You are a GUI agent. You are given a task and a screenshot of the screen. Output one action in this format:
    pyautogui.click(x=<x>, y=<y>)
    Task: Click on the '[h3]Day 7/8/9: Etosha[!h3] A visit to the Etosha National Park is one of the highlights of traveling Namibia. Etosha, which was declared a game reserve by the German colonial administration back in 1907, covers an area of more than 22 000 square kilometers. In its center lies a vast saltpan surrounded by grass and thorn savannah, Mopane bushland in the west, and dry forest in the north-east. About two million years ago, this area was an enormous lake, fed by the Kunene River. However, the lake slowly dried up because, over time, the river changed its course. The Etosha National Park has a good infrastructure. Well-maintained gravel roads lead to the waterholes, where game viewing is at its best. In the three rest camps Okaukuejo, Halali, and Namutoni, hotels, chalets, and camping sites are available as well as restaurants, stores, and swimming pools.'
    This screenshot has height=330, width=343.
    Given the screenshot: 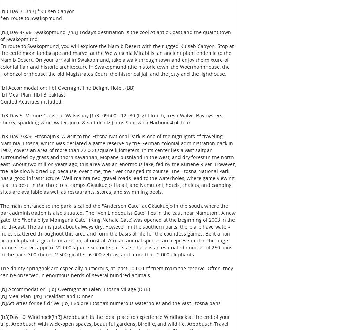 What is the action you would take?
    pyautogui.click(x=117, y=164)
    